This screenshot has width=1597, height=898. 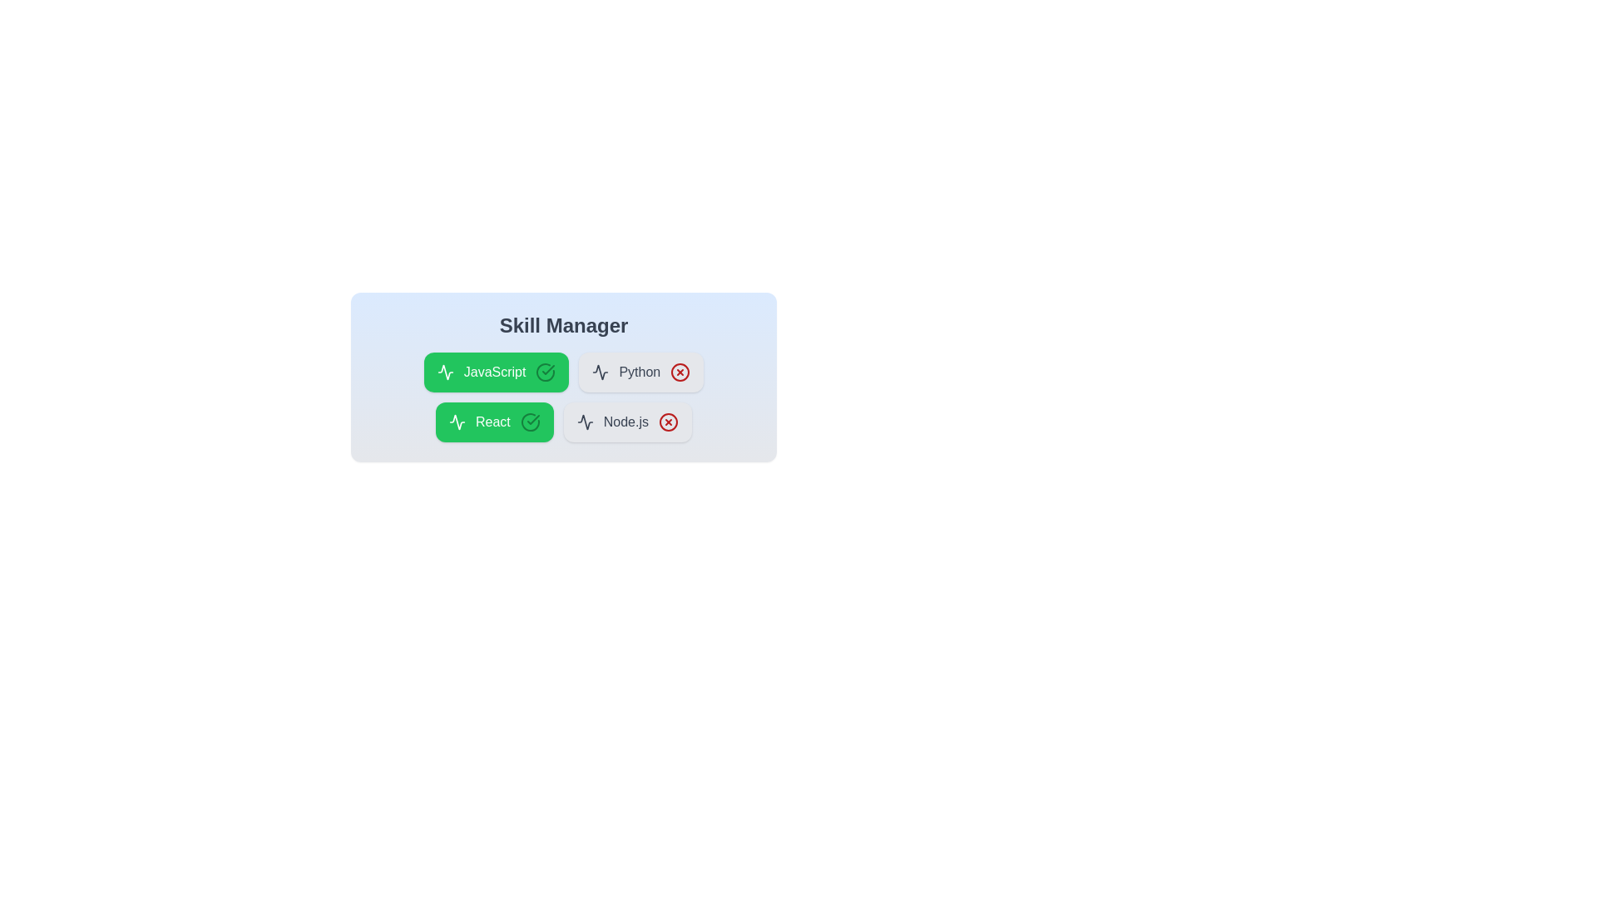 What do you see at coordinates (625, 422) in the screenshot?
I see `the skill chip labeled 'Node.js' to toggle its activation status` at bounding box center [625, 422].